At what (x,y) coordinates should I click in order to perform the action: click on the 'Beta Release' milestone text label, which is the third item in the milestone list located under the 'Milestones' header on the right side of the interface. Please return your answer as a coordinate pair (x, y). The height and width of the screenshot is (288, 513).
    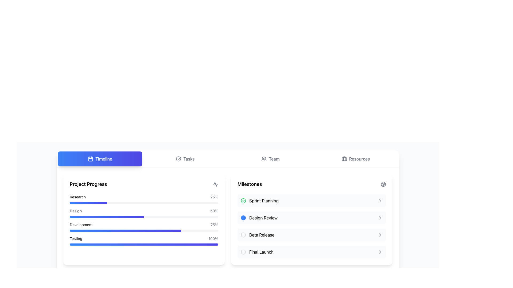
    Looking at the image, I should click on (262, 234).